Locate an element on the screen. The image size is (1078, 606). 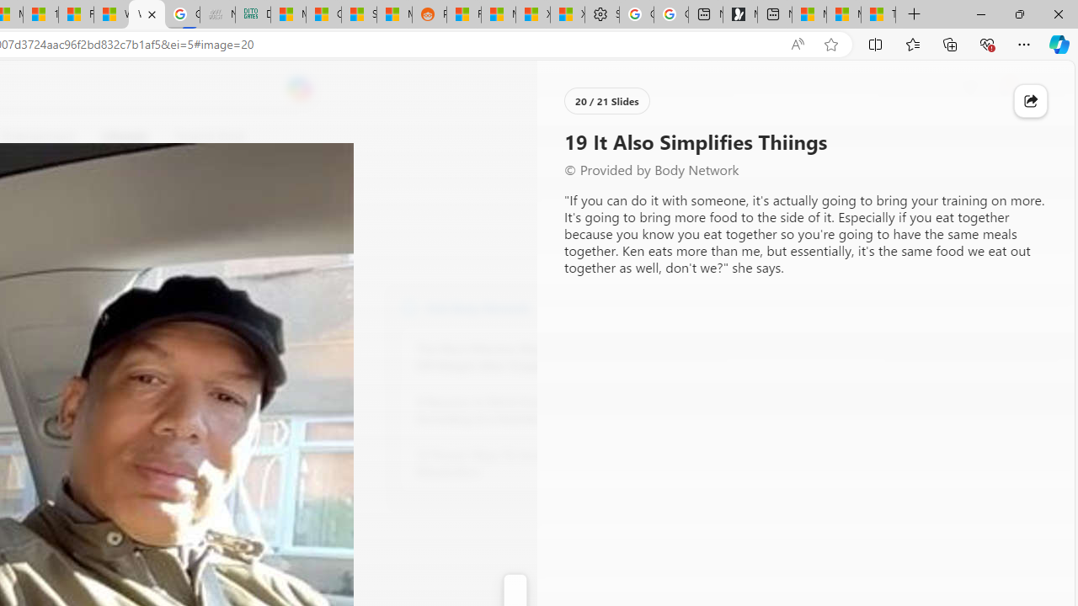
'DITOGAMES AG Imprint' is located at coordinates (252, 14).